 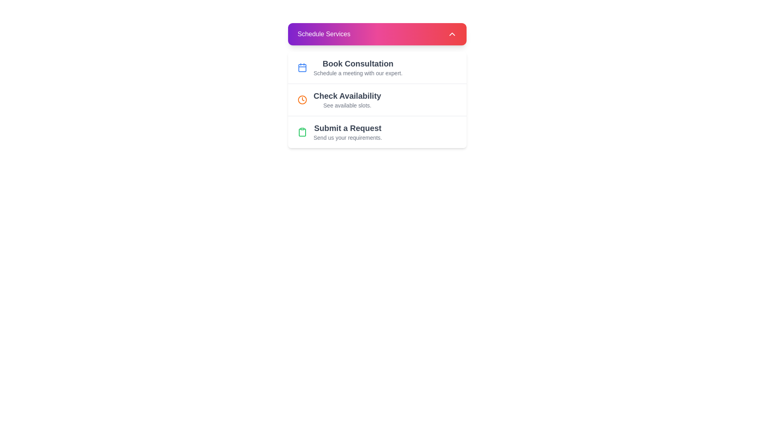 What do you see at coordinates (377, 99) in the screenshot?
I see `the interactive button containing a clock icon and the text 'Check Availability' to check availability` at bounding box center [377, 99].